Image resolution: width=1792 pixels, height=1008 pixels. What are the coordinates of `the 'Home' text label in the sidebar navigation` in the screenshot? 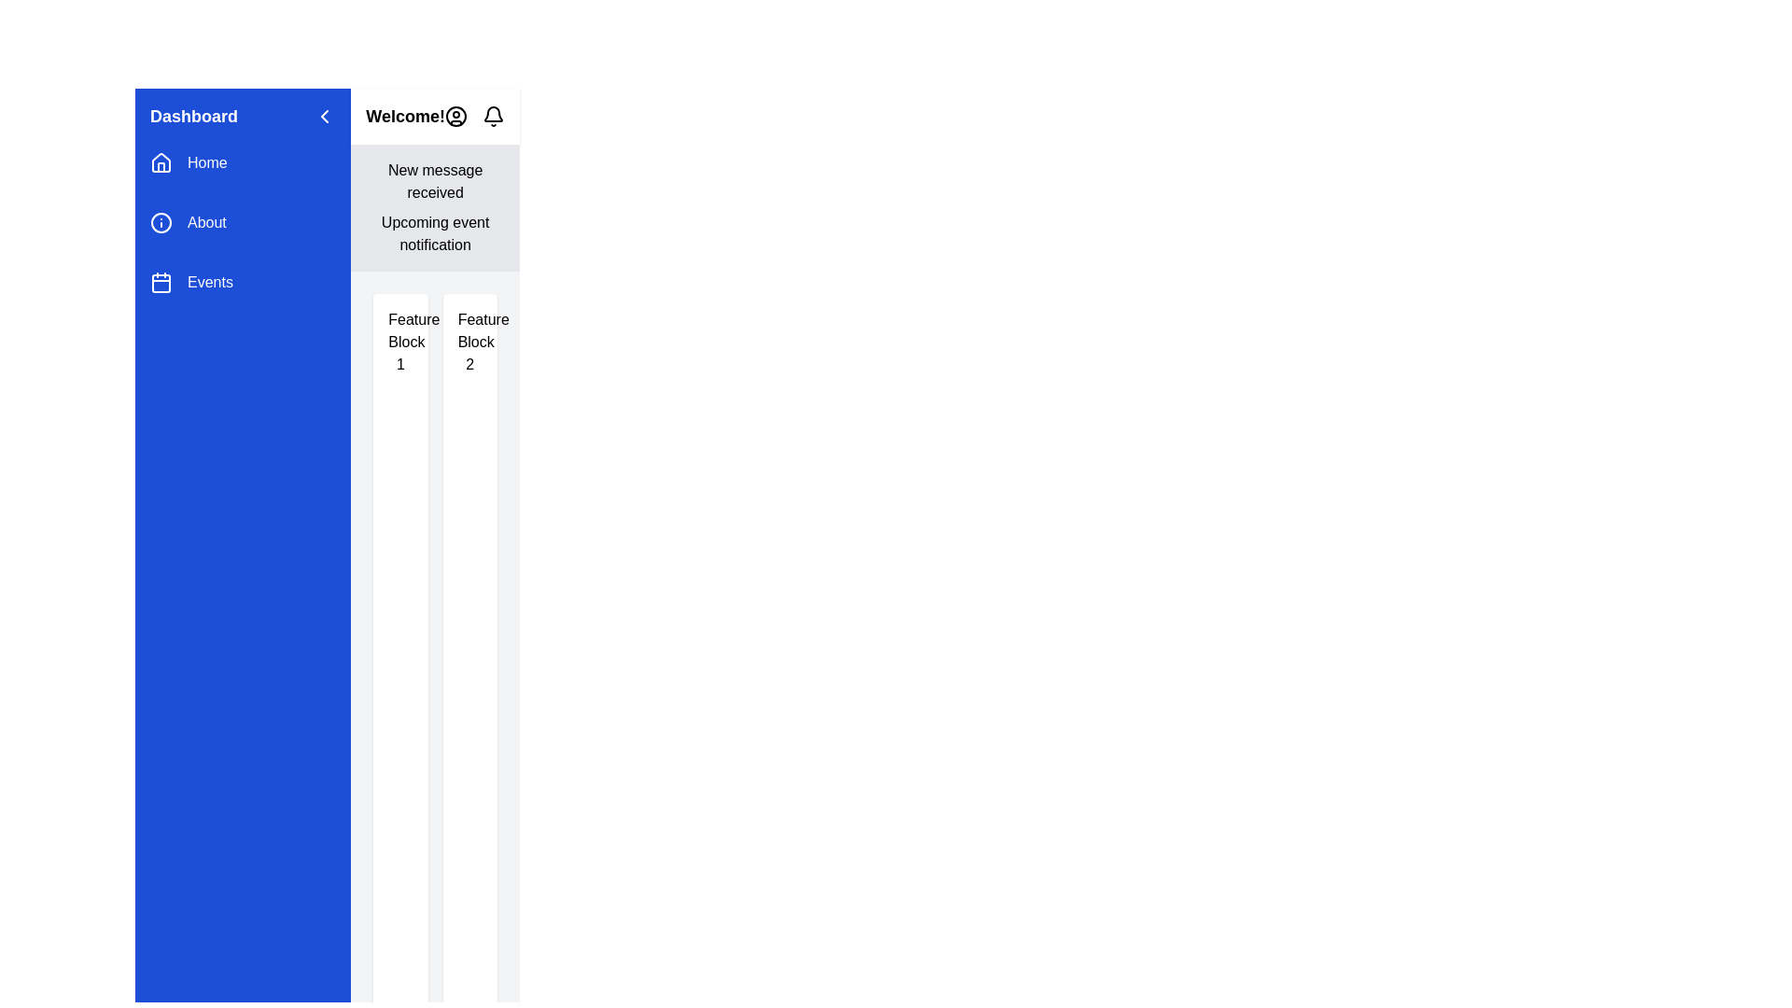 It's located at (207, 161).